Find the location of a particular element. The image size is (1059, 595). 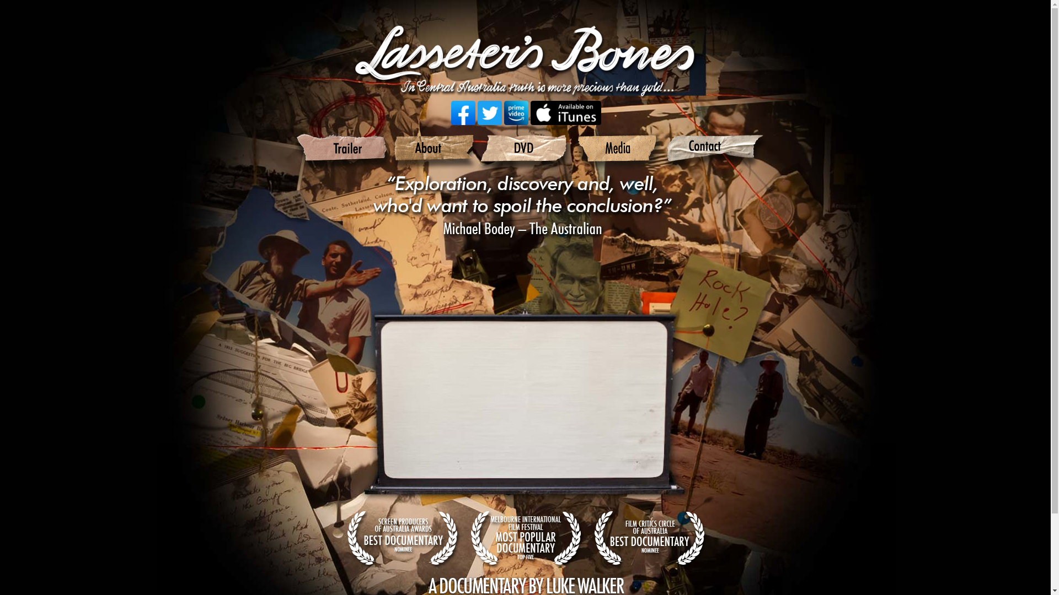

'Lasseters Bones Twitter Page' is located at coordinates (489, 112).